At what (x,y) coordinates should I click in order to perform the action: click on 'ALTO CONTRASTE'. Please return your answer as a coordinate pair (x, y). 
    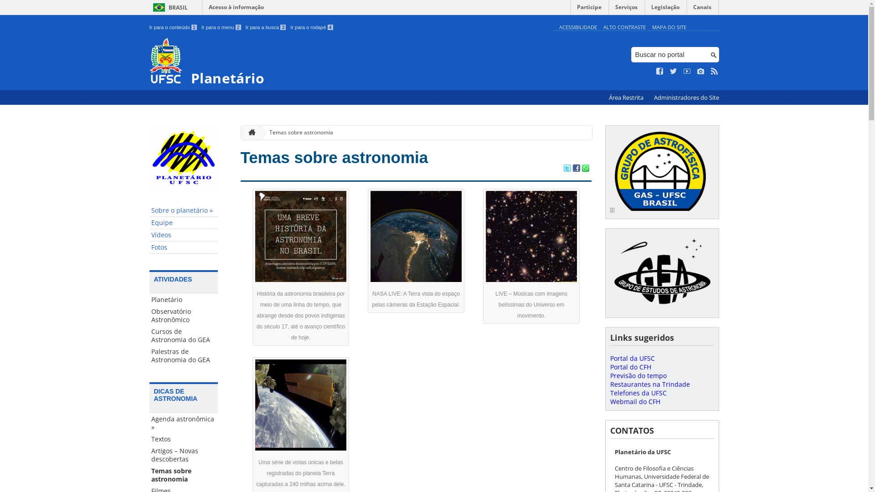
    Looking at the image, I should click on (624, 26).